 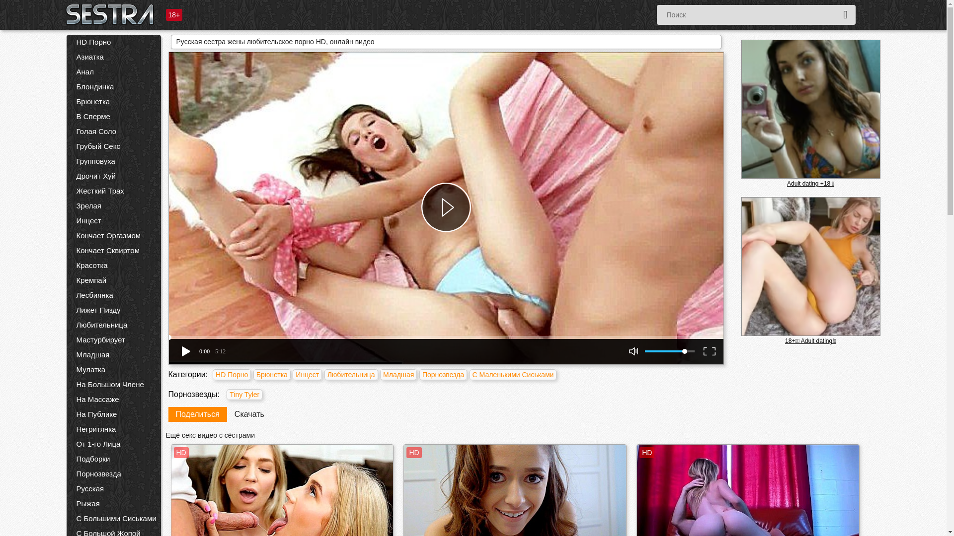 I want to click on 'Tiny Tyler', so click(x=244, y=394).